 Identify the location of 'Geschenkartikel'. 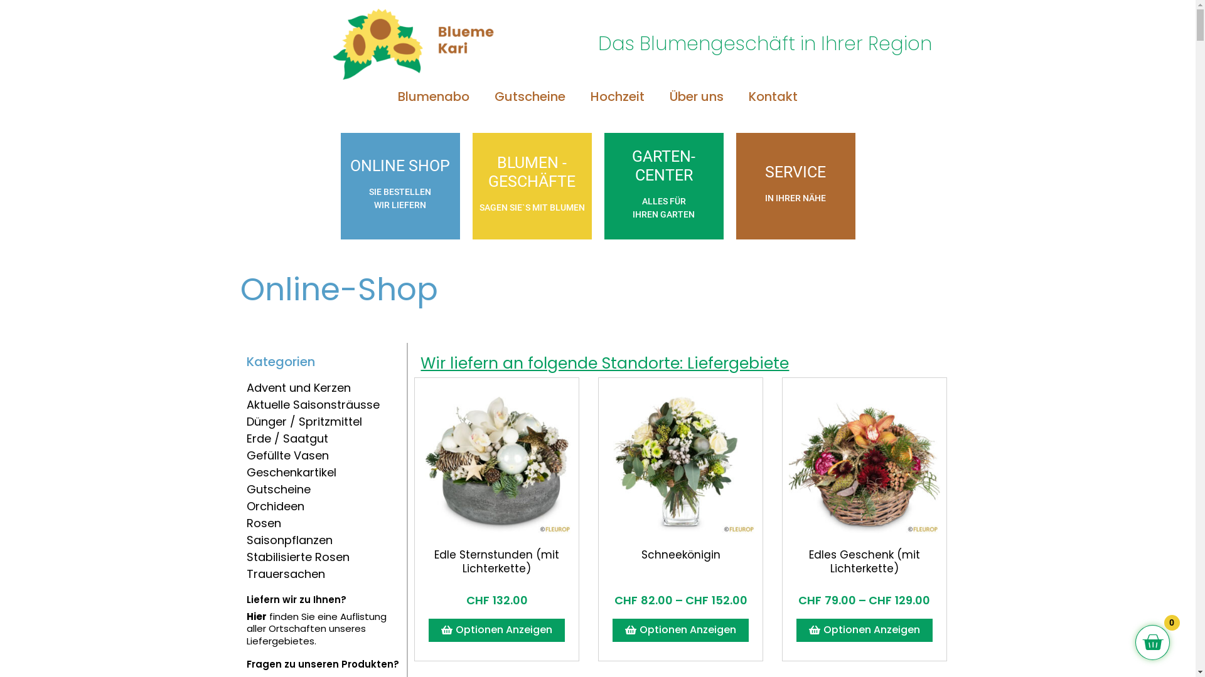
(290, 472).